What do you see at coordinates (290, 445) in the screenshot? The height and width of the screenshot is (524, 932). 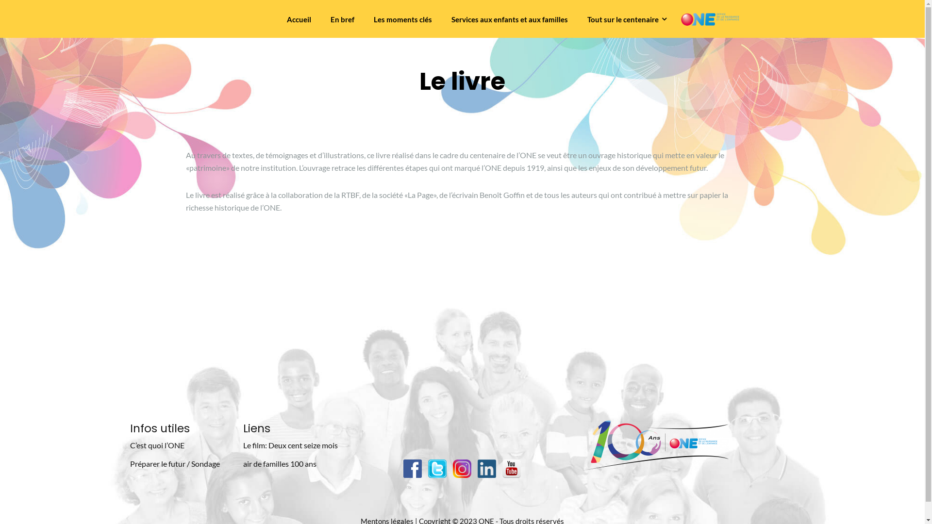 I see `'Le film: Deux cent seize mois'` at bounding box center [290, 445].